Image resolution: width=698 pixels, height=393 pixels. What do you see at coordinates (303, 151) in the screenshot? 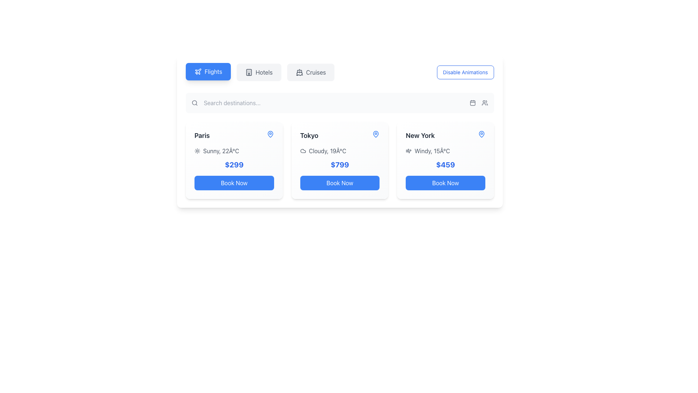
I see `the 'Cloudy' weather icon located in the top-left area of the Tokyo travel destination card, which is adjacent to the weather condition text` at bounding box center [303, 151].